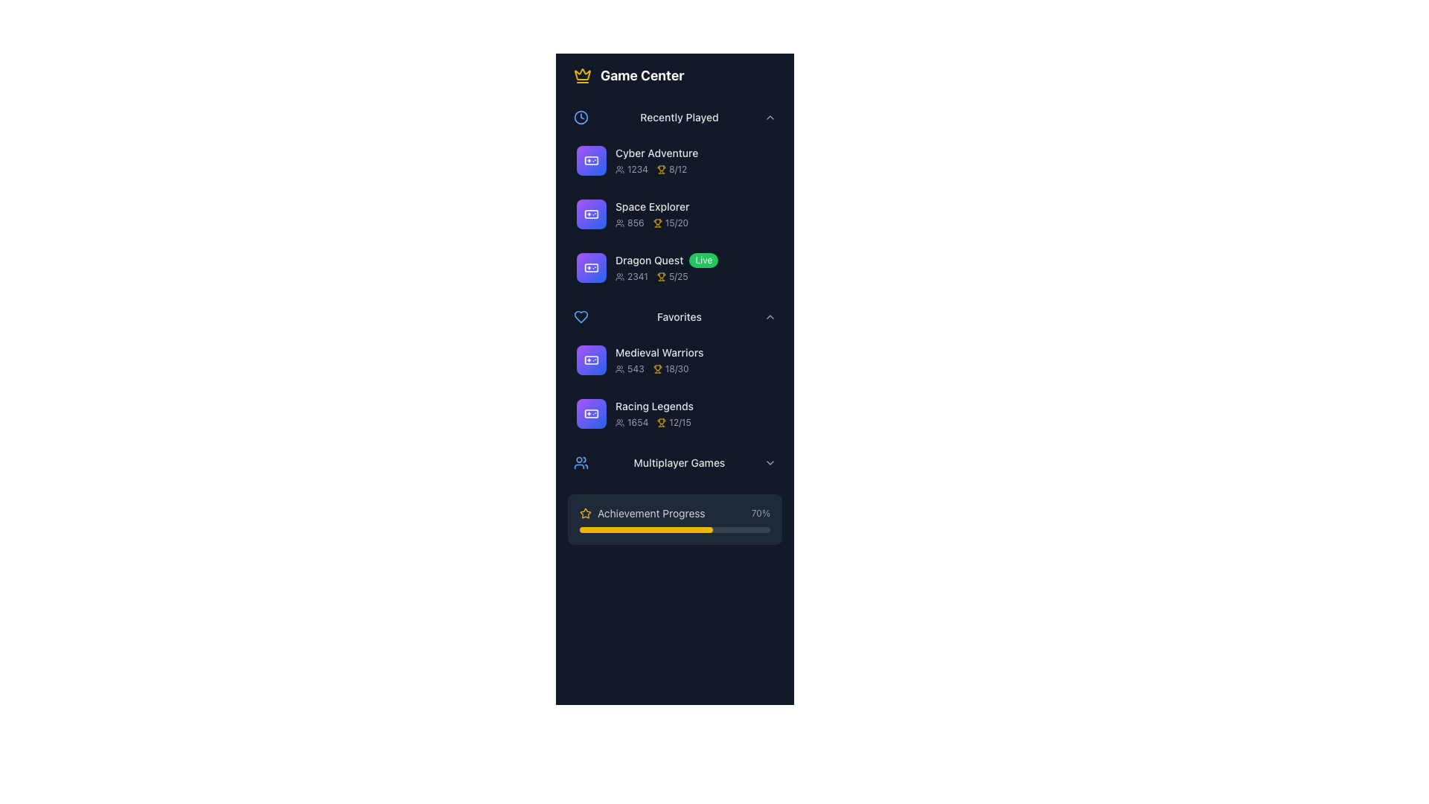 Image resolution: width=1429 pixels, height=804 pixels. What do you see at coordinates (670, 223) in the screenshot?
I see `the achievement progress element, which consists of a golden trophy icon and the text '15/20', located in the 'Recently Played' section under the game 'Space Explorer'` at bounding box center [670, 223].